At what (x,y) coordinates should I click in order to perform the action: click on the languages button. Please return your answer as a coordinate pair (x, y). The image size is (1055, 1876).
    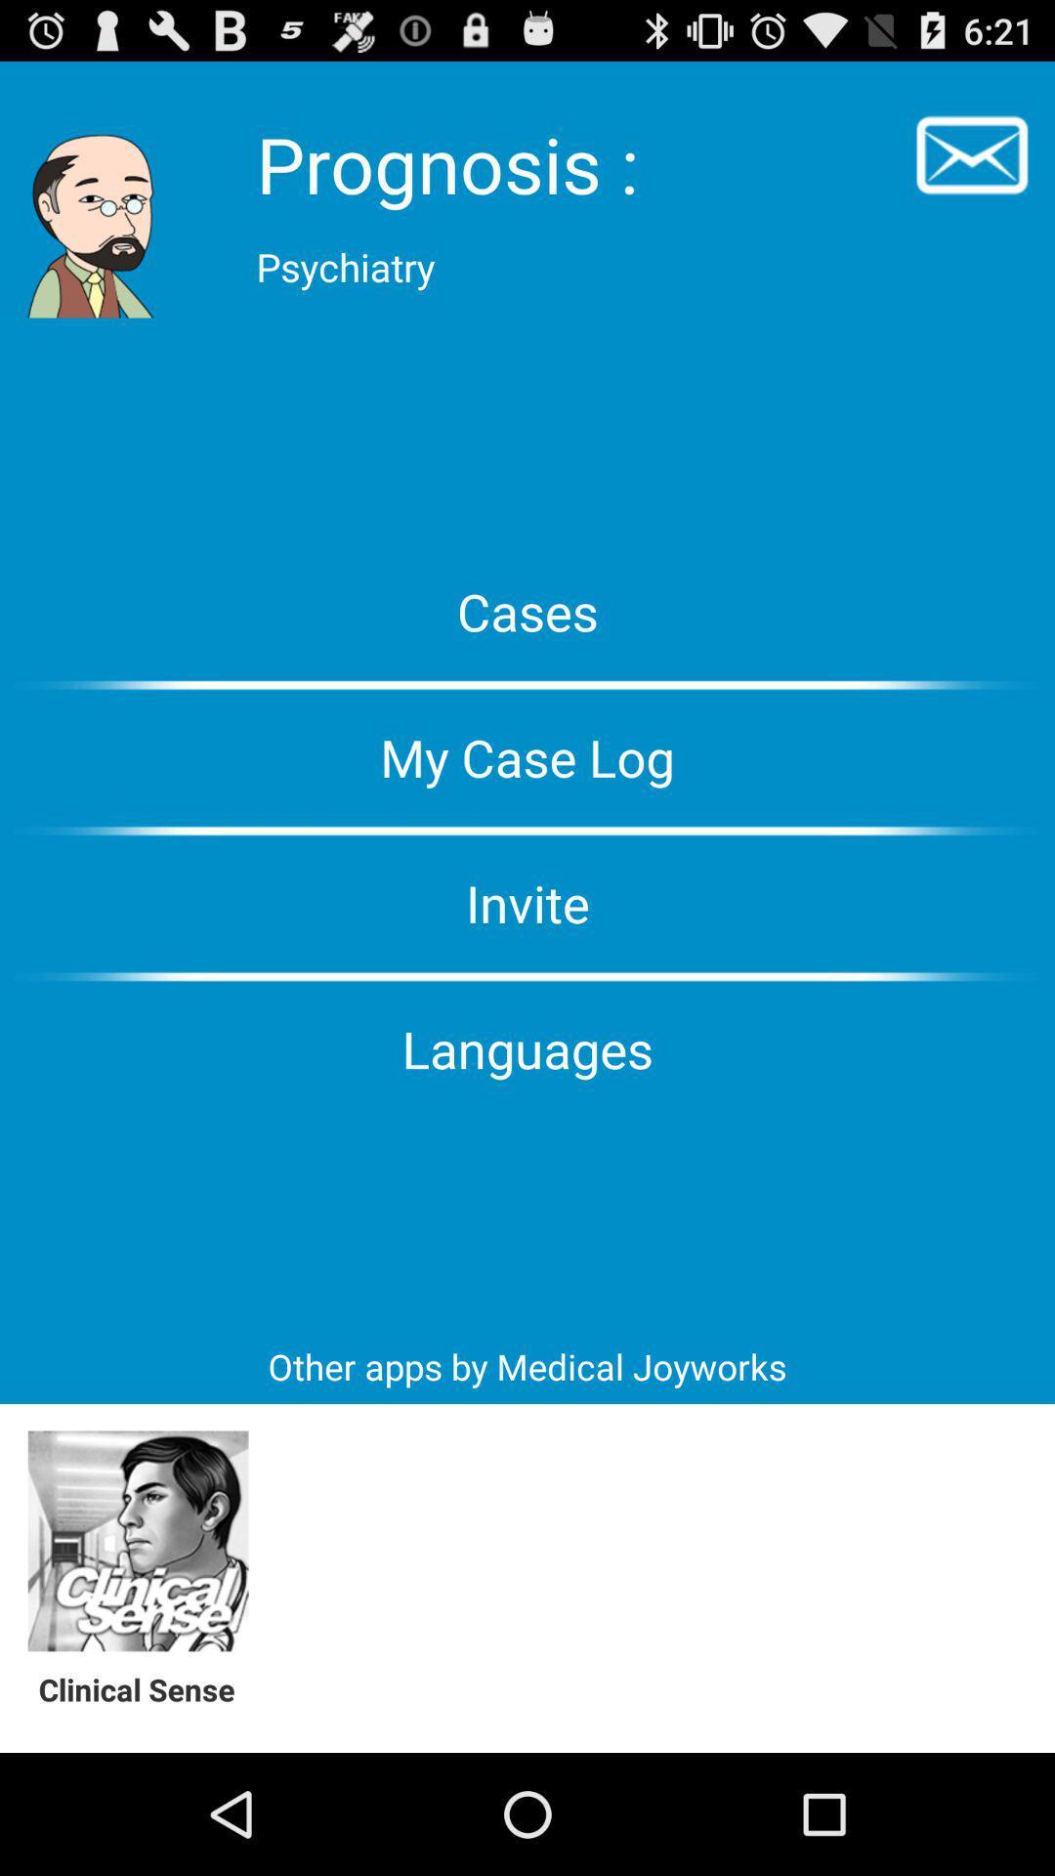
    Looking at the image, I should click on (527, 1047).